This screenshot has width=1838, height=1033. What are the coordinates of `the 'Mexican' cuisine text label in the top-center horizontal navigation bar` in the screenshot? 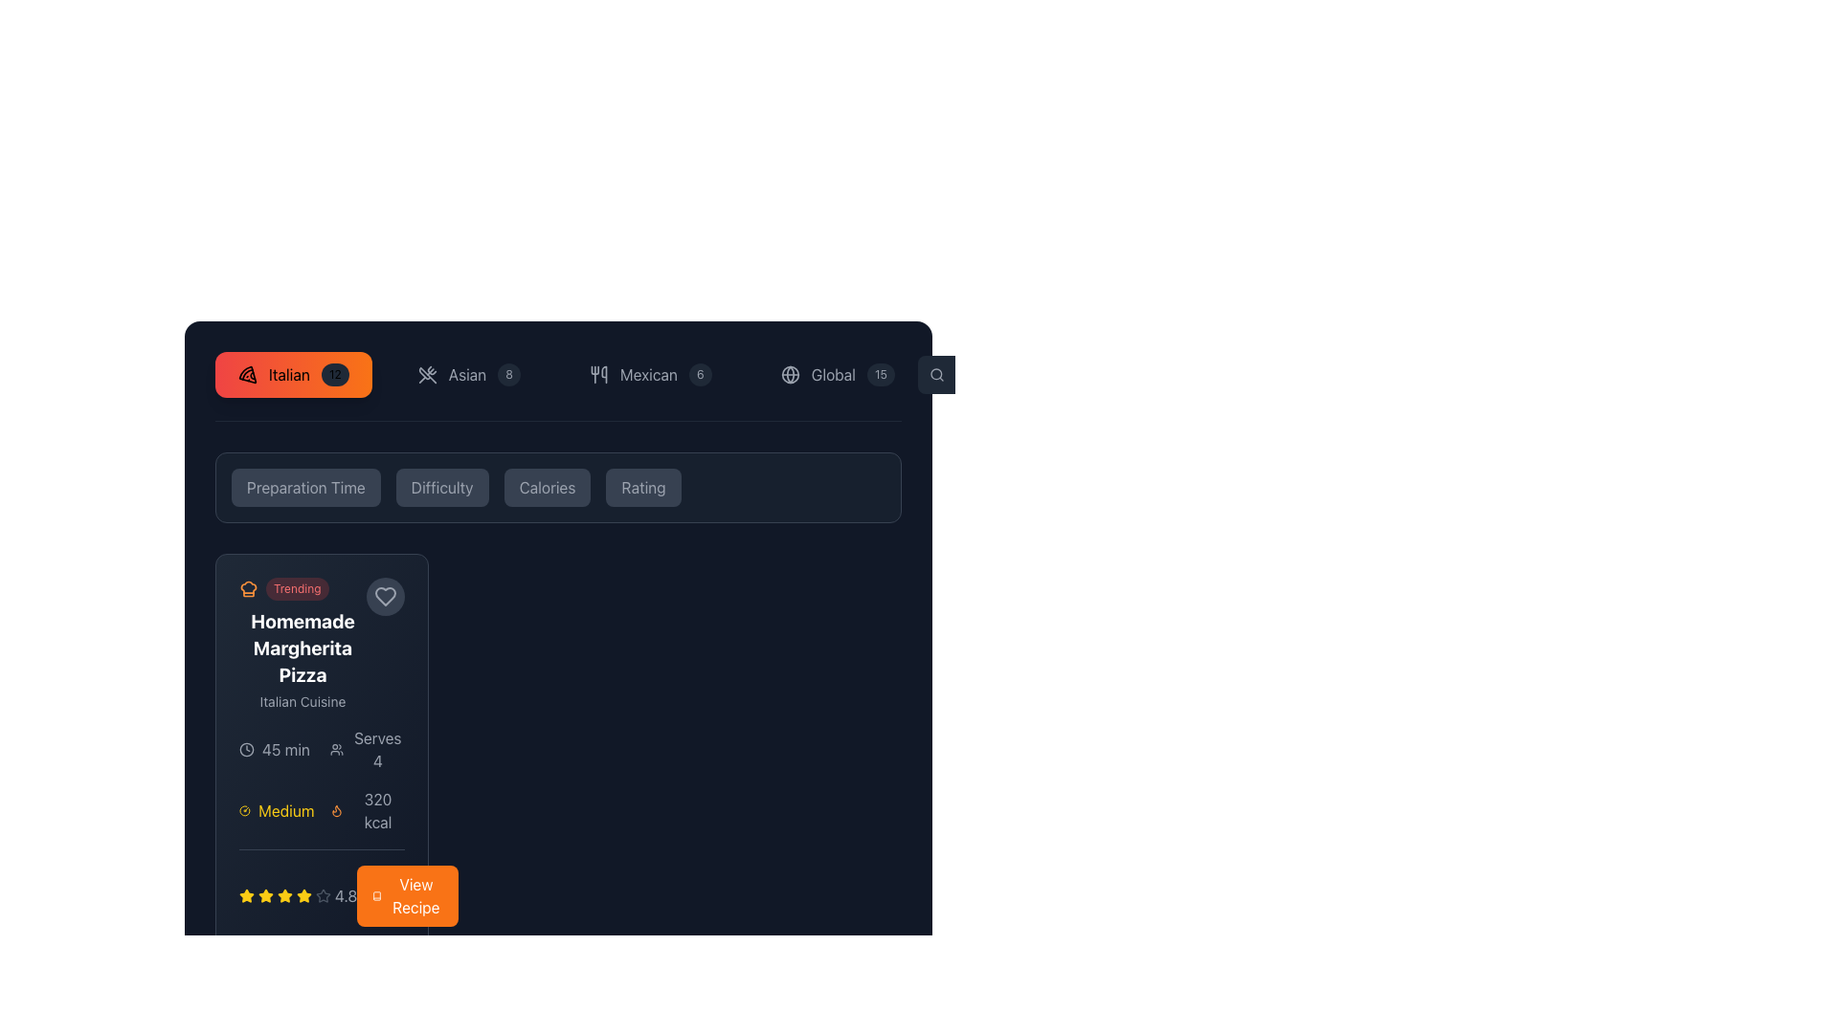 It's located at (648, 375).